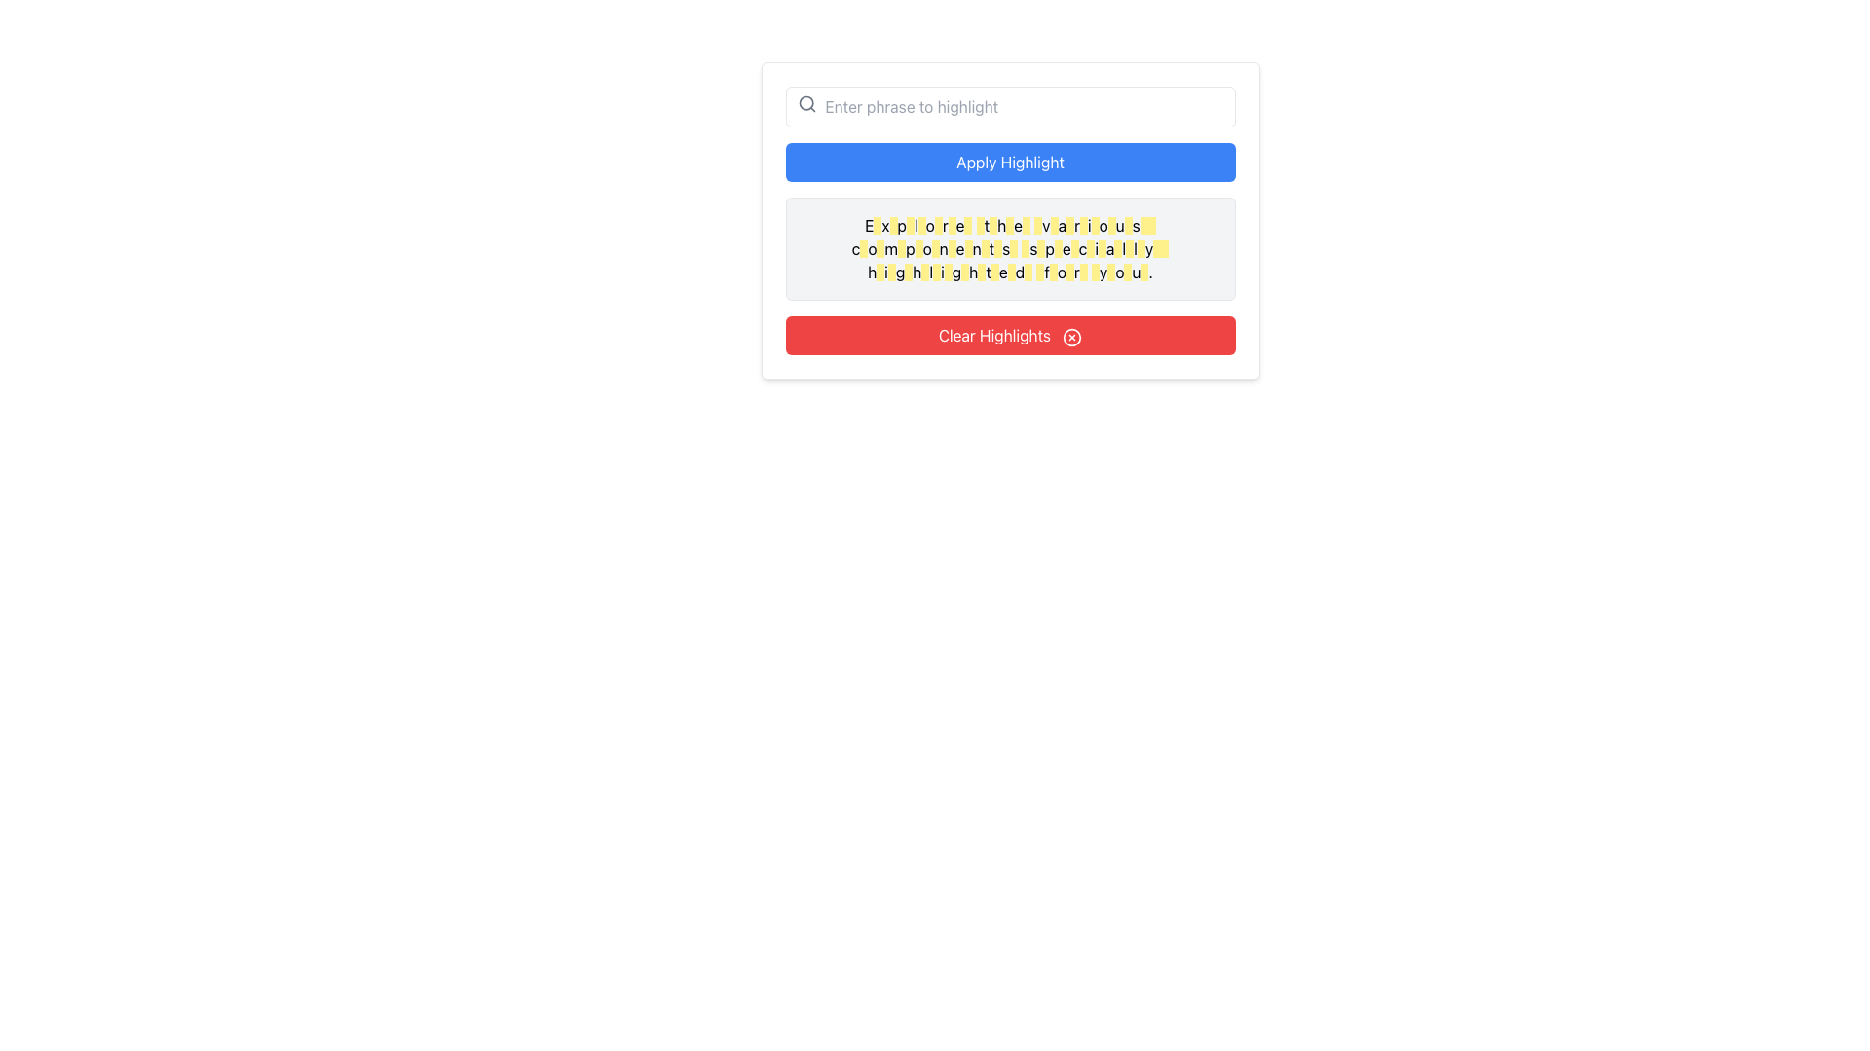  What do you see at coordinates (952, 224) in the screenshot?
I see `the sixth yellow-highlighted rectangle marker that coincides with the word 'the' in the text 'Explore the various components specially highlighted for you.'` at bounding box center [952, 224].